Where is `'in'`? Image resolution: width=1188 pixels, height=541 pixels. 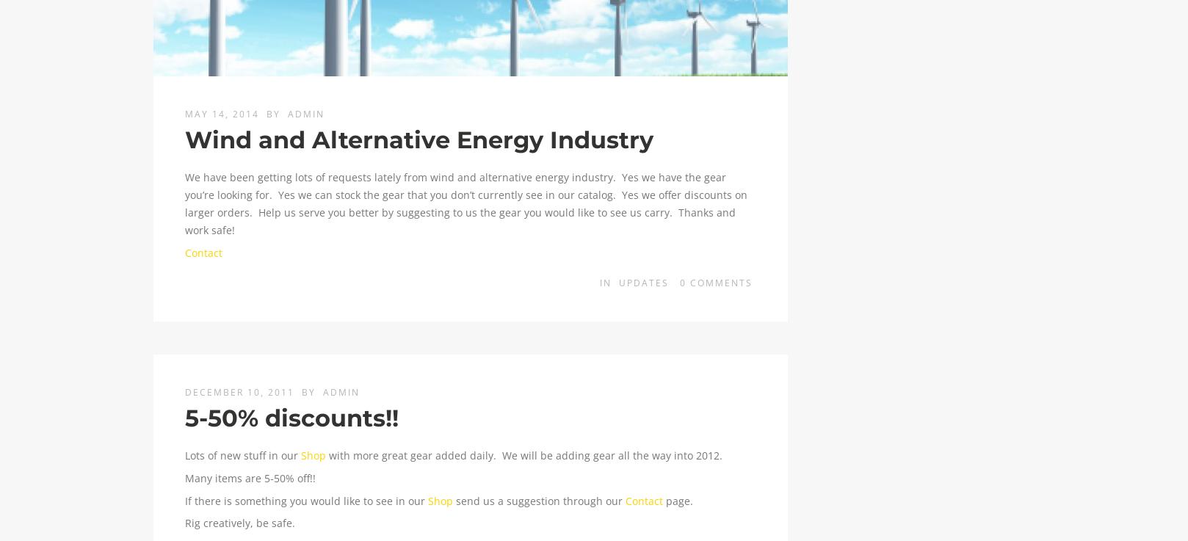
'in' is located at coordinates (606, 283).